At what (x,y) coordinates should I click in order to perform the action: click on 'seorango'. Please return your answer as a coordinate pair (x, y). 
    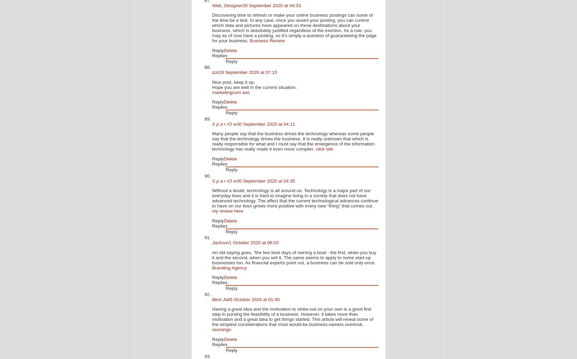
    Looking at the image, I should click on (222, 329).